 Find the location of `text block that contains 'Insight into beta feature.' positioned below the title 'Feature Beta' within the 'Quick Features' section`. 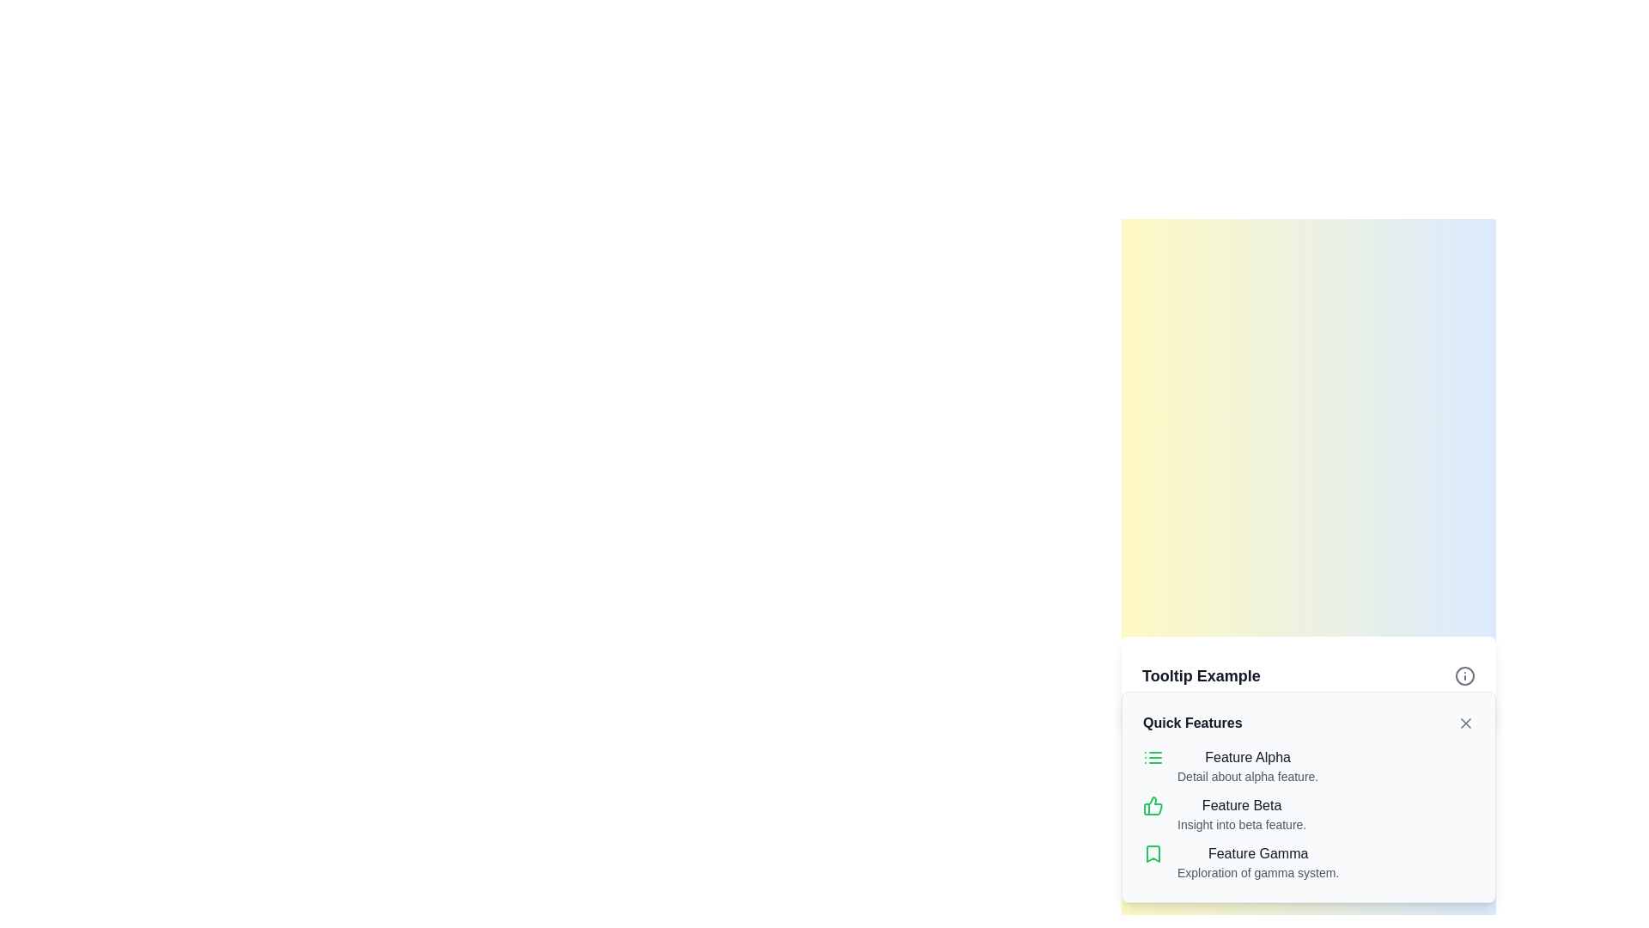

text block that contains 'Insight into beta feature.' positioned below the title 'Feature Beta' within the 'Quick Features' section is located at coordinates (1242, 824).